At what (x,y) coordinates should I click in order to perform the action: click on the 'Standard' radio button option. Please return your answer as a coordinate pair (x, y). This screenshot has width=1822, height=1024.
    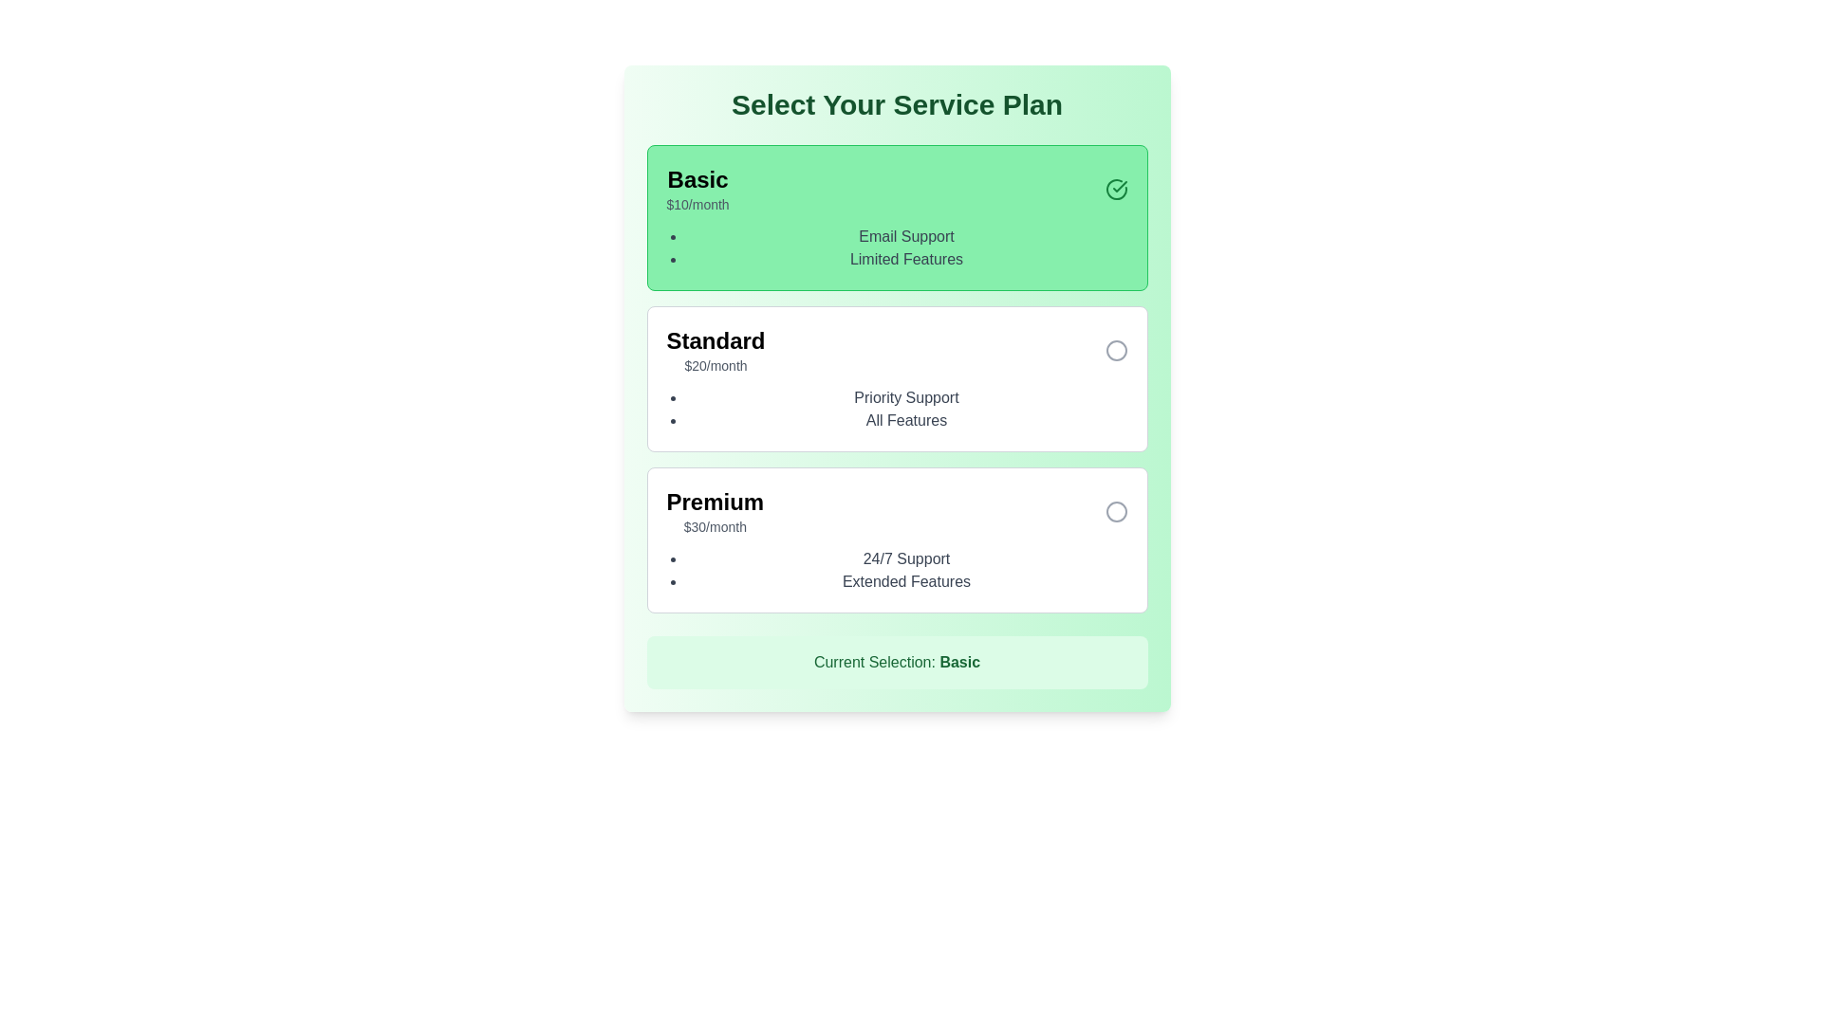
    Looking at the image, I should click on (896, 379).